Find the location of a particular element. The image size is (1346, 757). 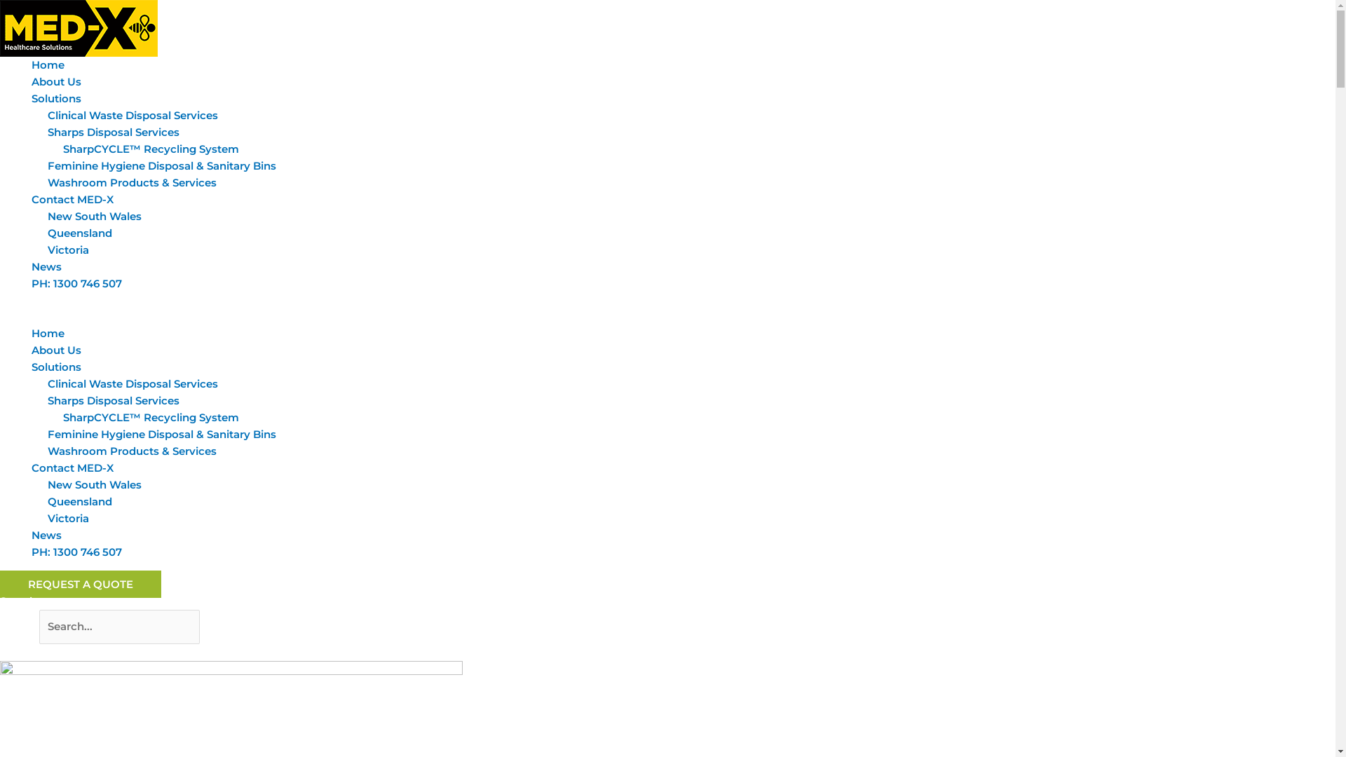

'PH: 1300 746 507' is located at coordinates (76, 283).